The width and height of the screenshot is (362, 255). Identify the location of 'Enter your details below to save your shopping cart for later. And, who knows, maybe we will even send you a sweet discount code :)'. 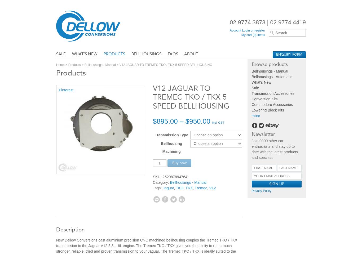
(179, 182).